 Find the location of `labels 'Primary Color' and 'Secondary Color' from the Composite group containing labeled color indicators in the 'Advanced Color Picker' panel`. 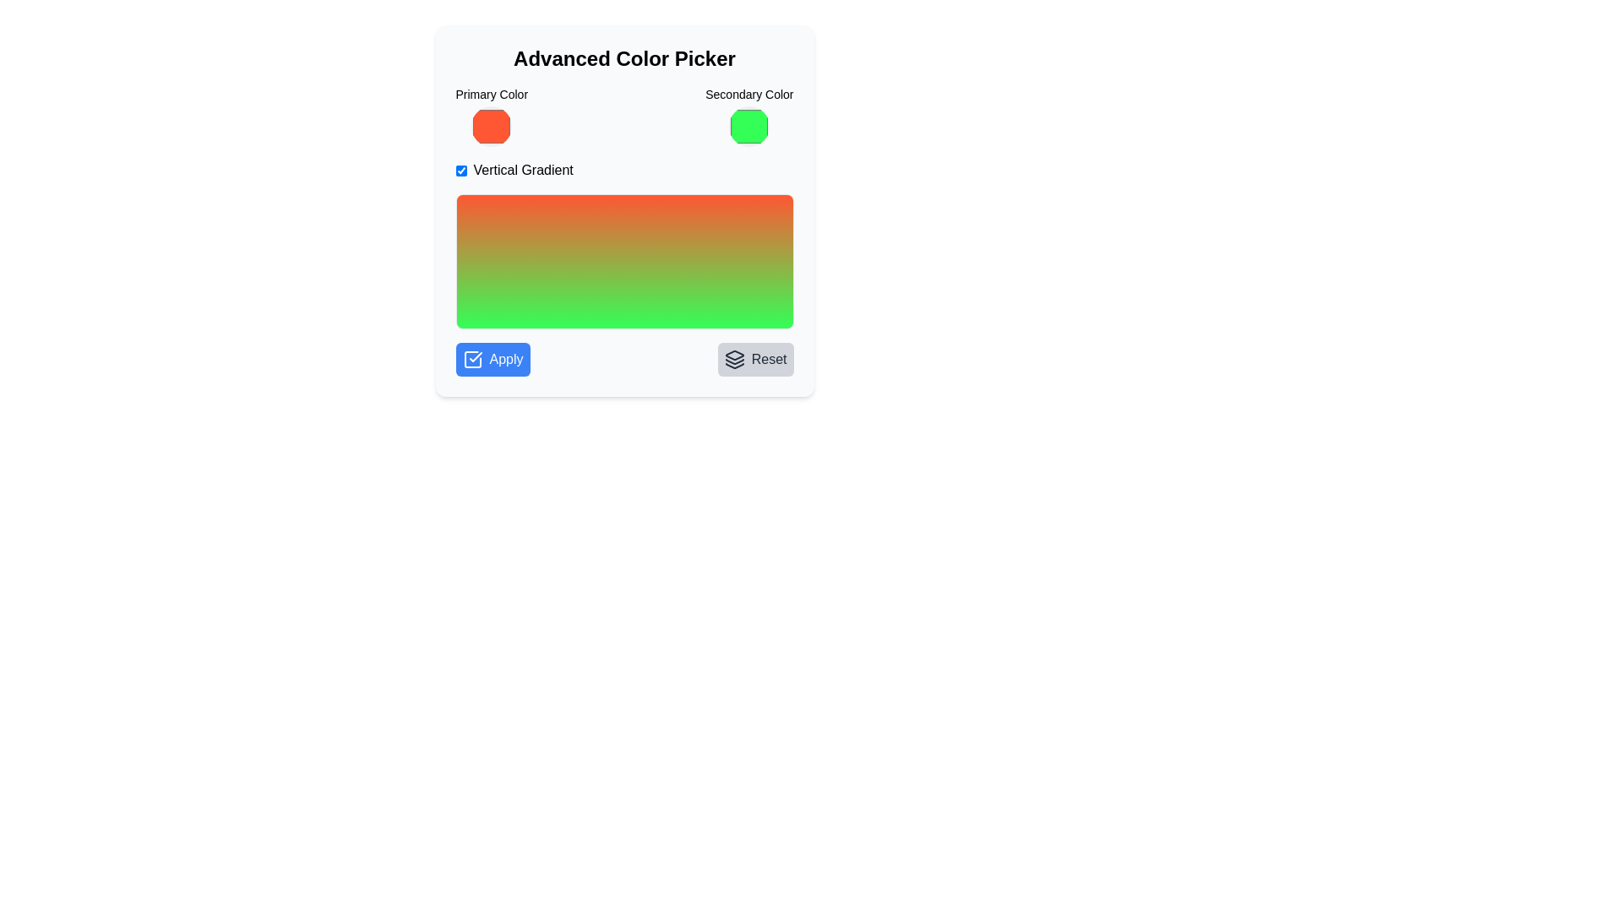

labels 'Primary Color' and 'Secondary Color' from the Composite group containing labeled color indicators in the 'Advanced Color Picker' panel is located at coordinates (623, 116).